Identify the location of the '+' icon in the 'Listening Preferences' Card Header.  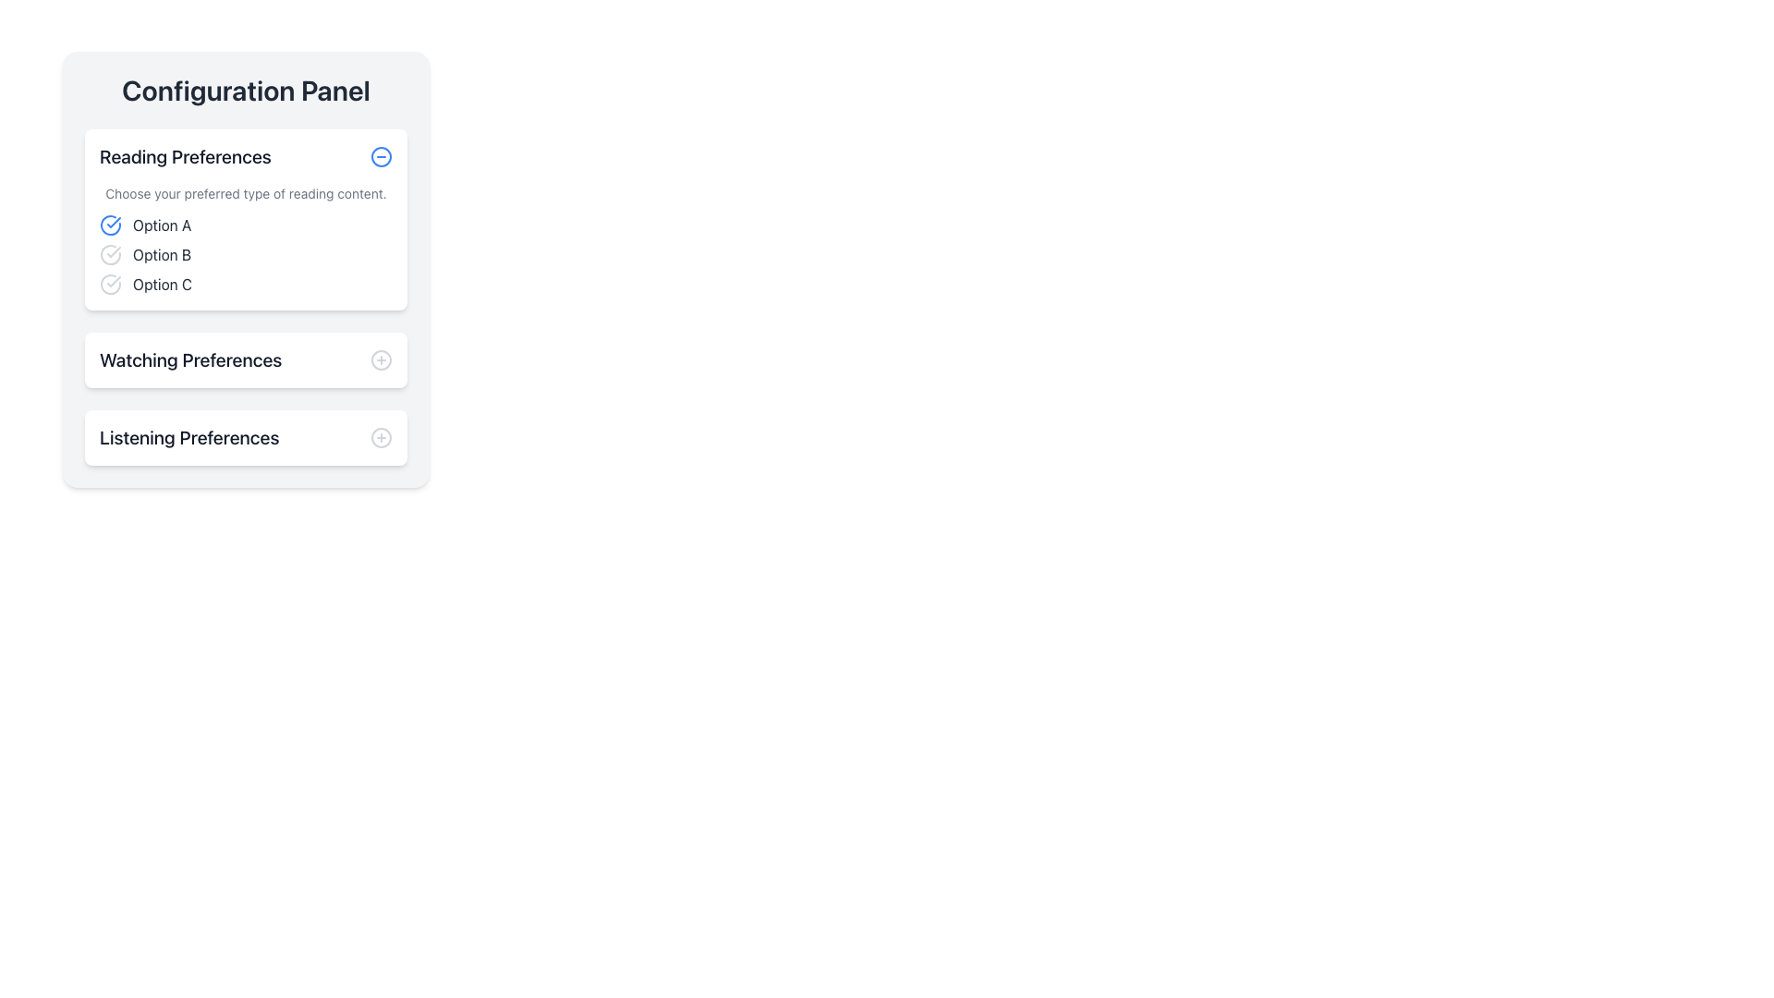
(245, 438).